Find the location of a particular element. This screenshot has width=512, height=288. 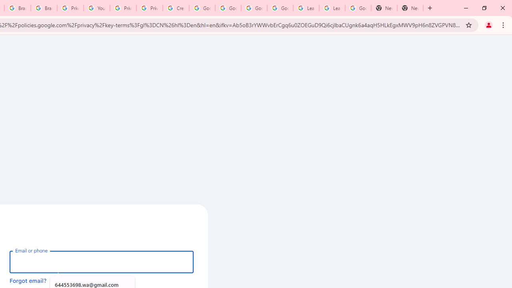

'Create your Google Account' is located at coordinates (176, 8).